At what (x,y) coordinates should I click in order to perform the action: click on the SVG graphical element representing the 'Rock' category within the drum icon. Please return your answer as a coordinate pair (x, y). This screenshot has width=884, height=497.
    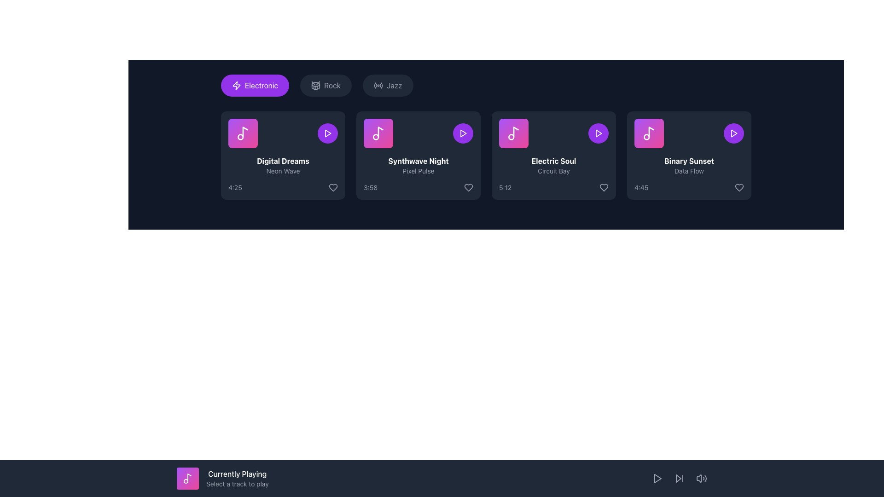
    Looking at the image, I should click on (316, 84).